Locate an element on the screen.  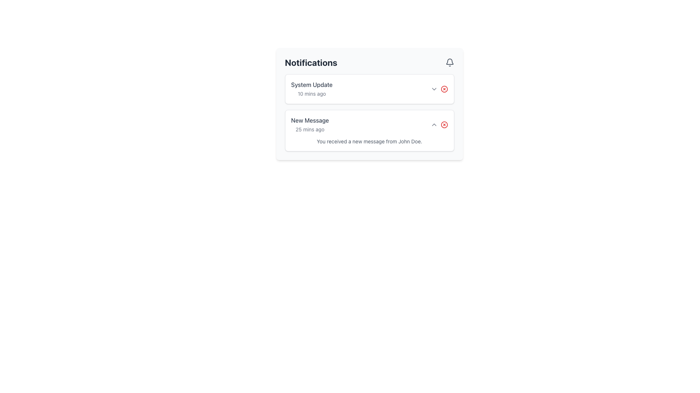
the bell icon located at the far-right side of the header section titled 'Notifications' is located at coordinates (449, 62).